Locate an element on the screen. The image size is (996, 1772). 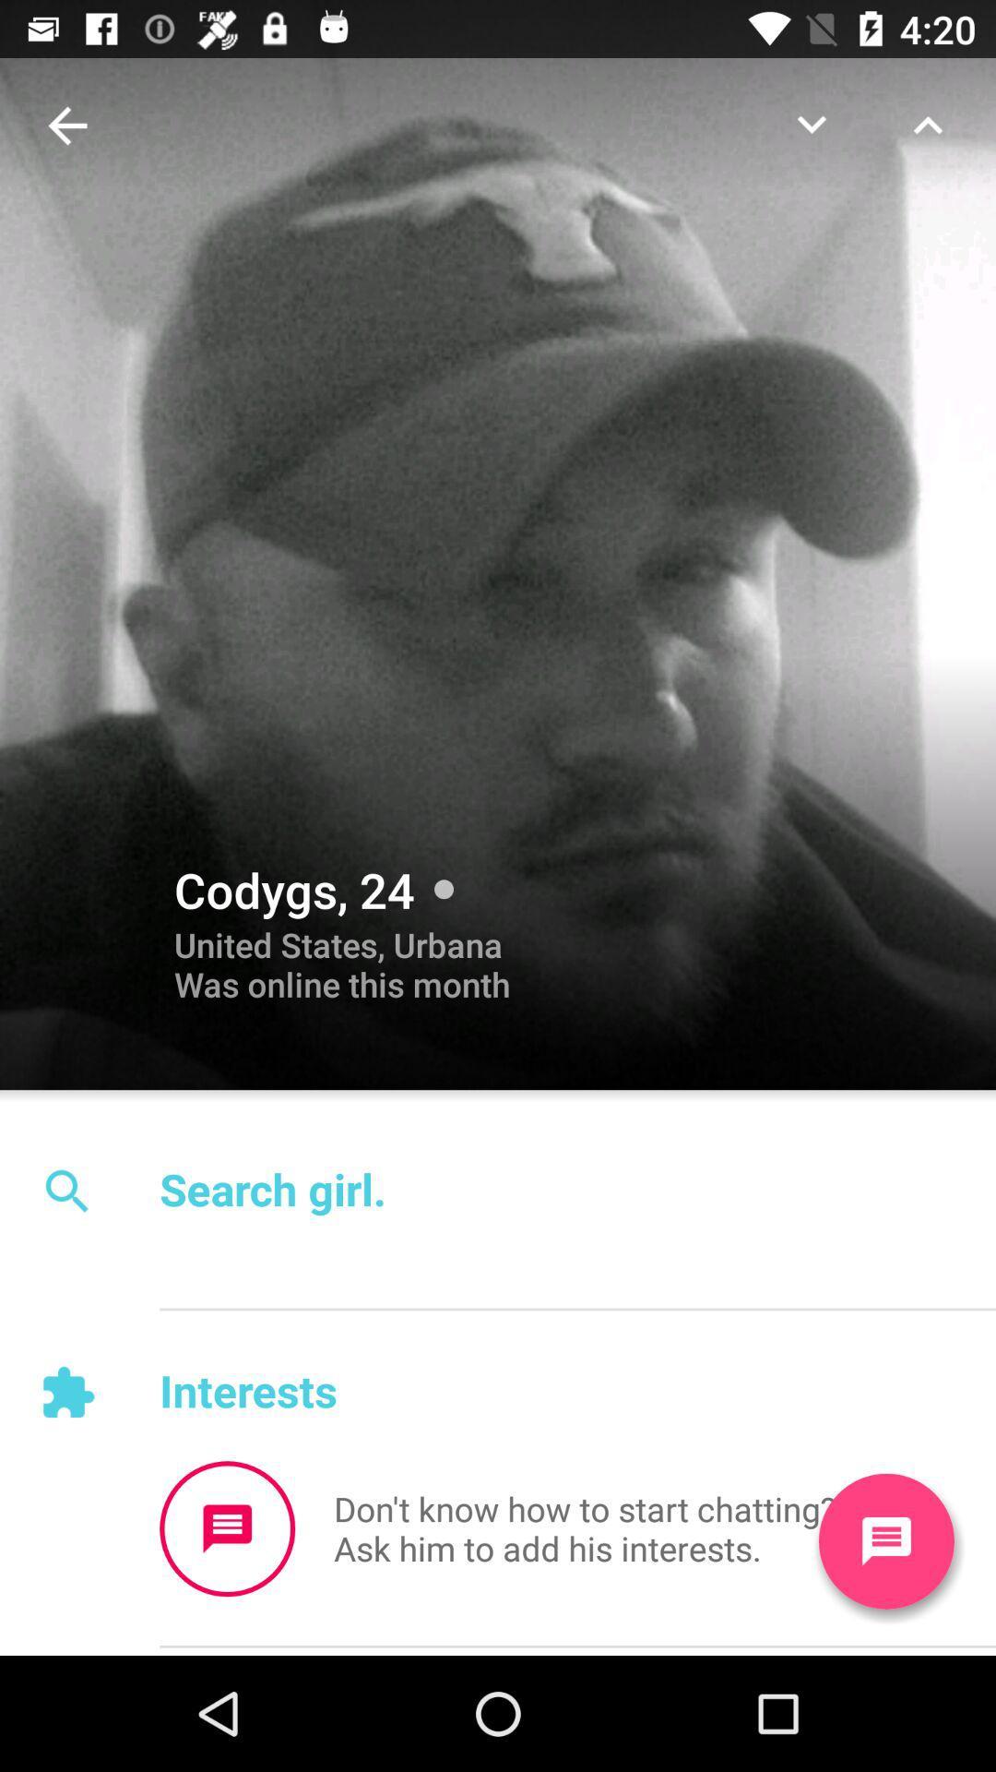
the chat icon is located at coordinates (226, 1528).